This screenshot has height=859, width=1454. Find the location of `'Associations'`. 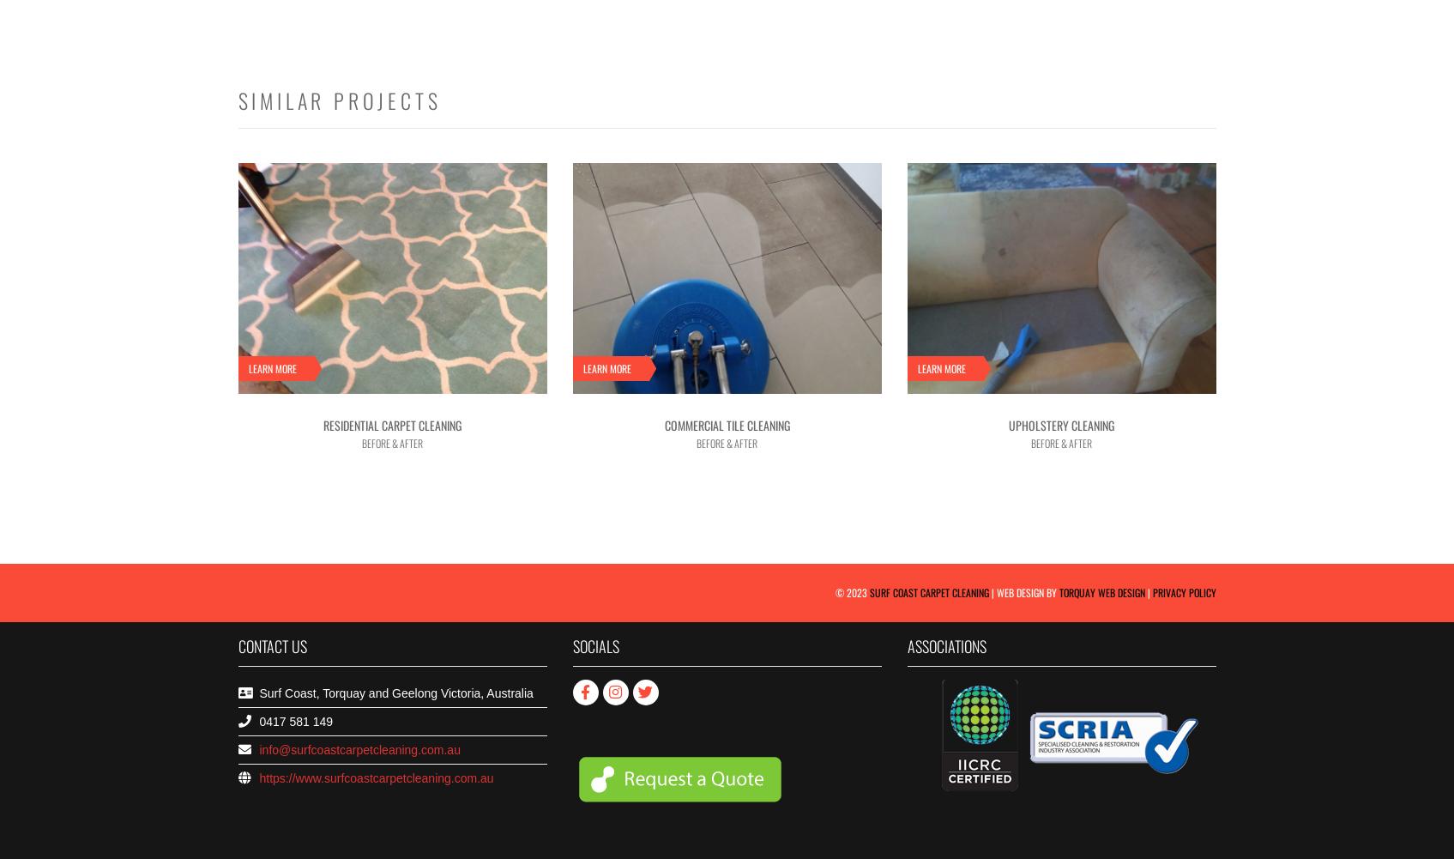

'Associations' is located at coordinates (907, 645).